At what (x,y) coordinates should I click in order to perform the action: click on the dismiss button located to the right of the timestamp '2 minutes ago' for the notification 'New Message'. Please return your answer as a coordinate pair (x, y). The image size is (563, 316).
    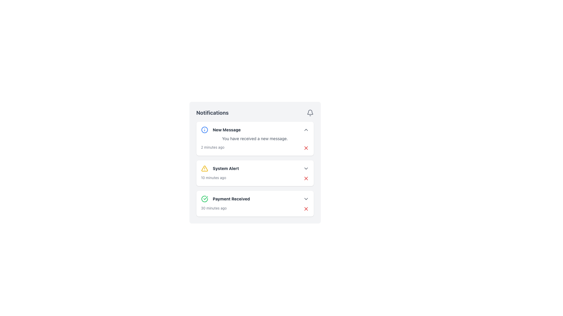
    Looking at the image, I should click on (306, 147).